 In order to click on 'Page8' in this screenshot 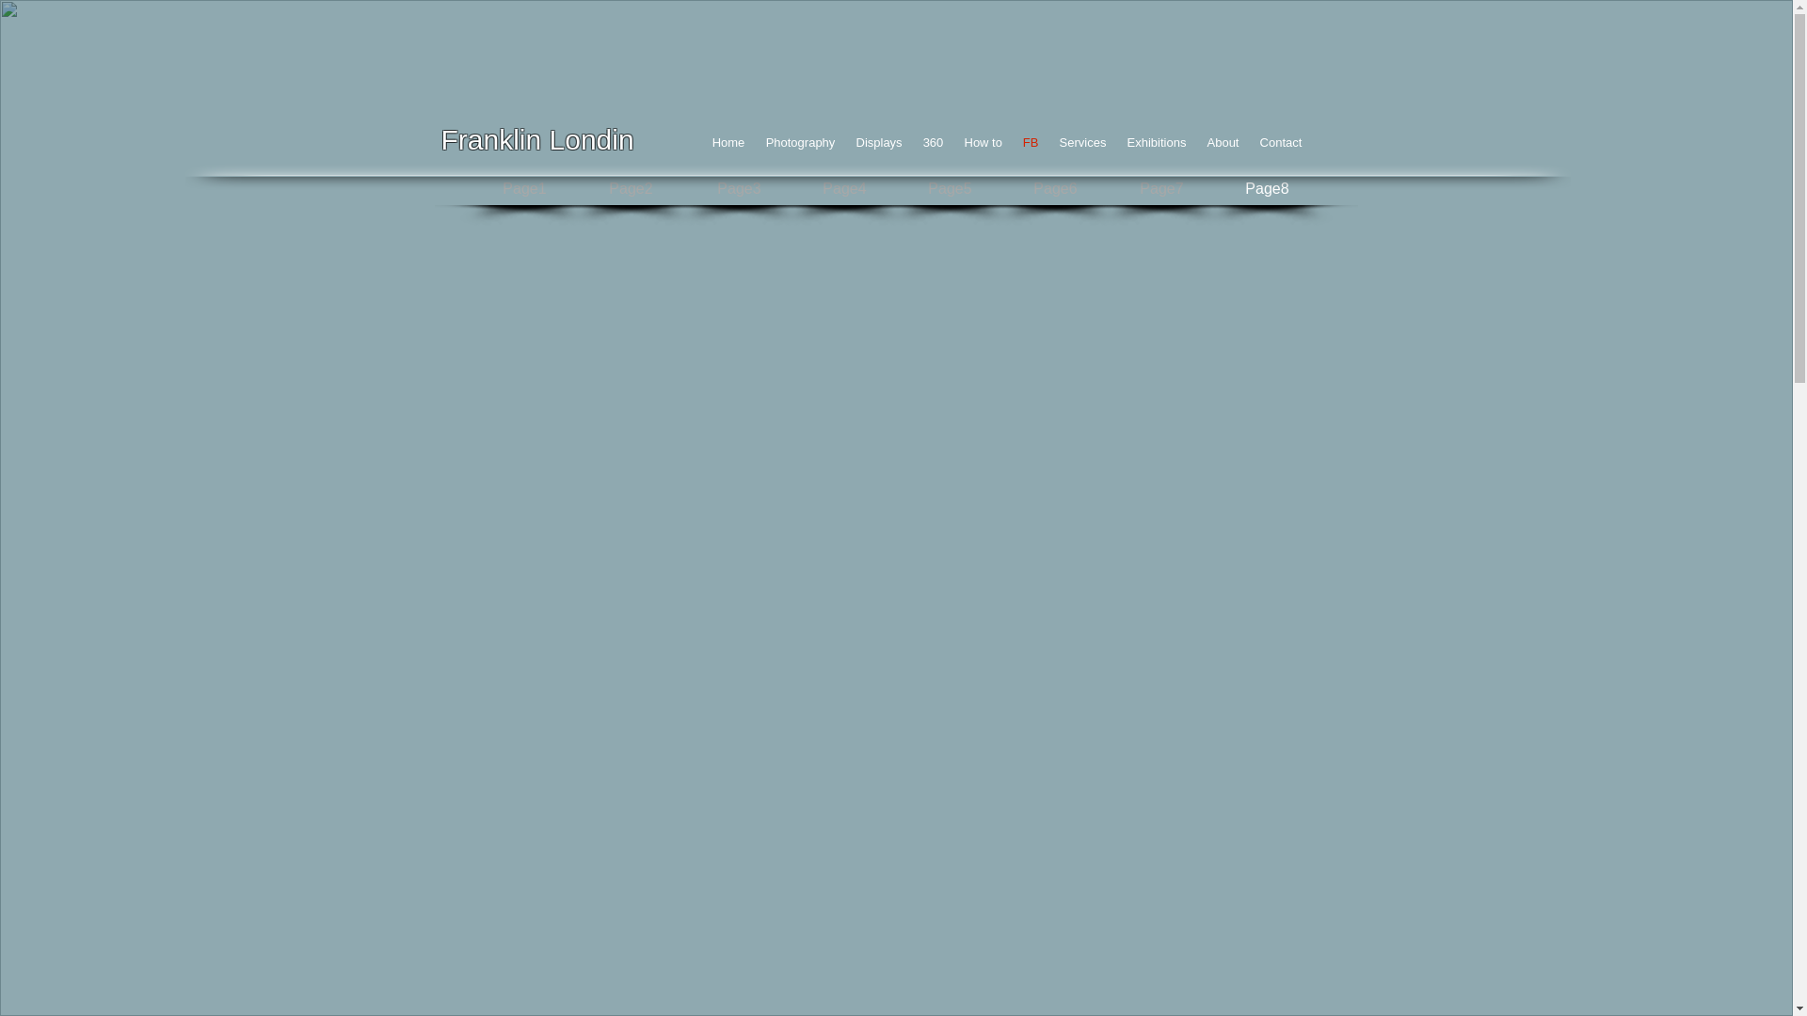, I will do `click(1268, 189)`.